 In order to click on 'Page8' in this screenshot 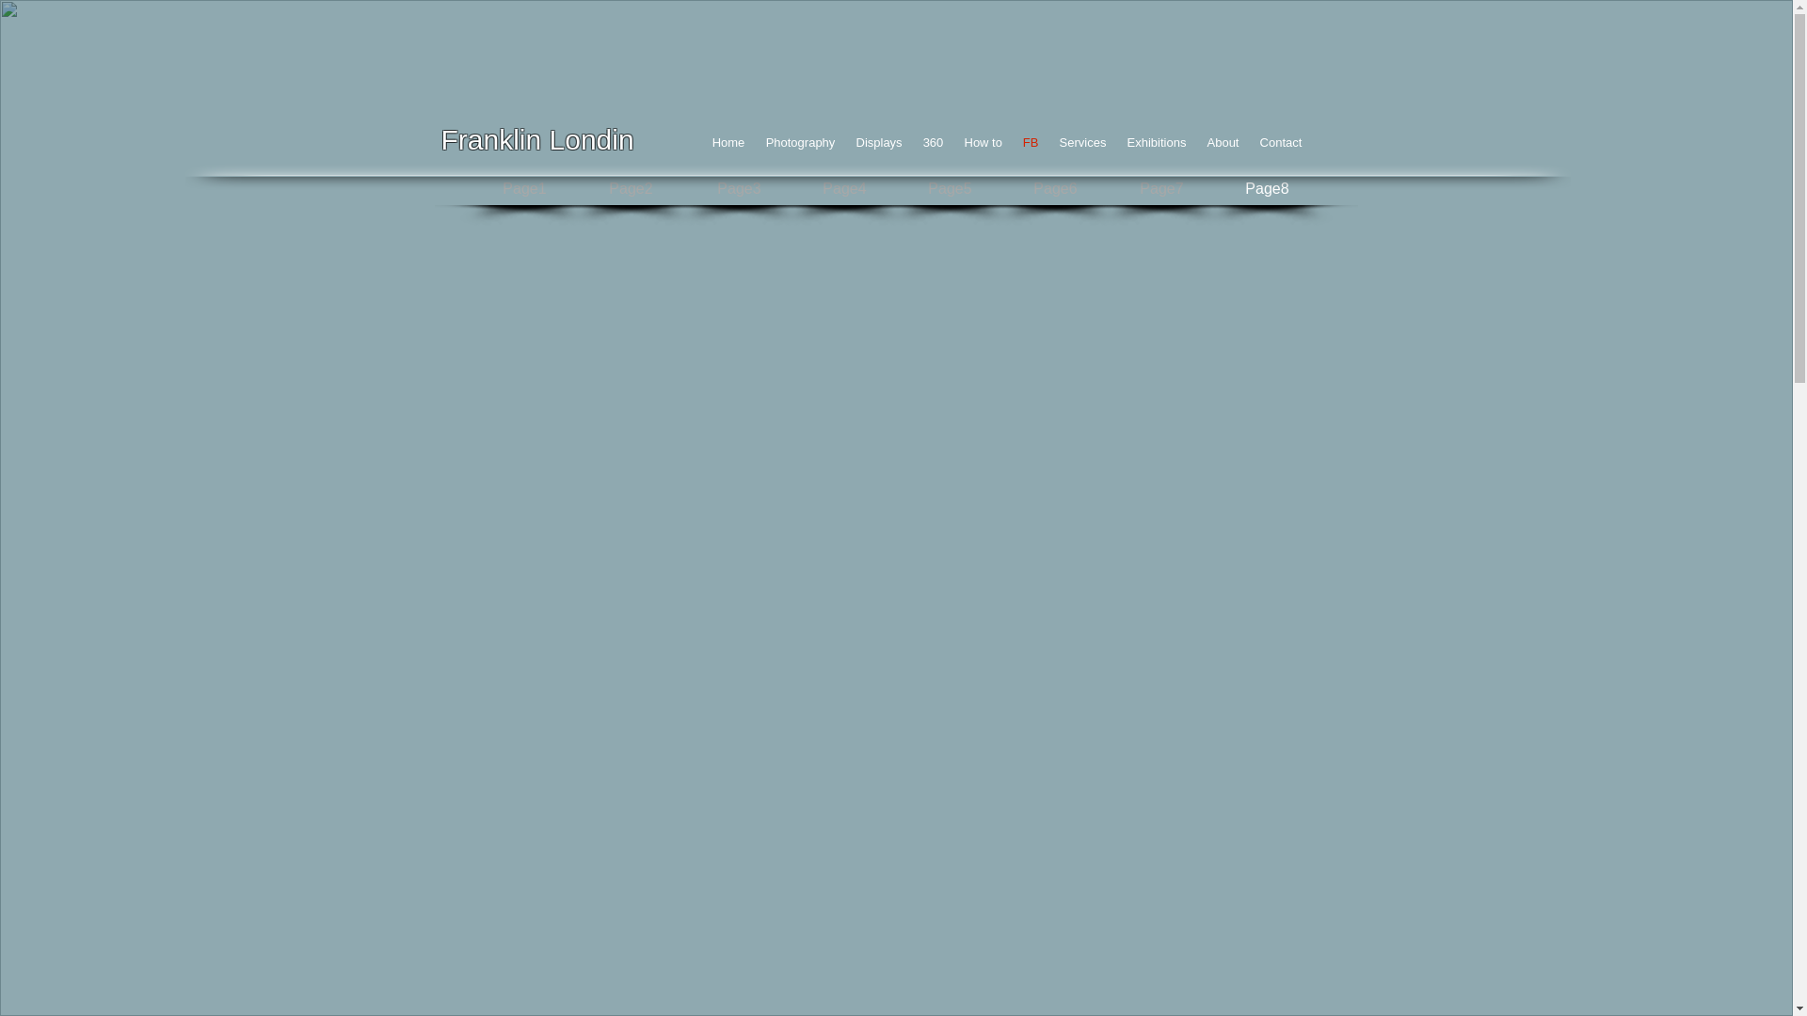, I will do `click(1268, 189)`.